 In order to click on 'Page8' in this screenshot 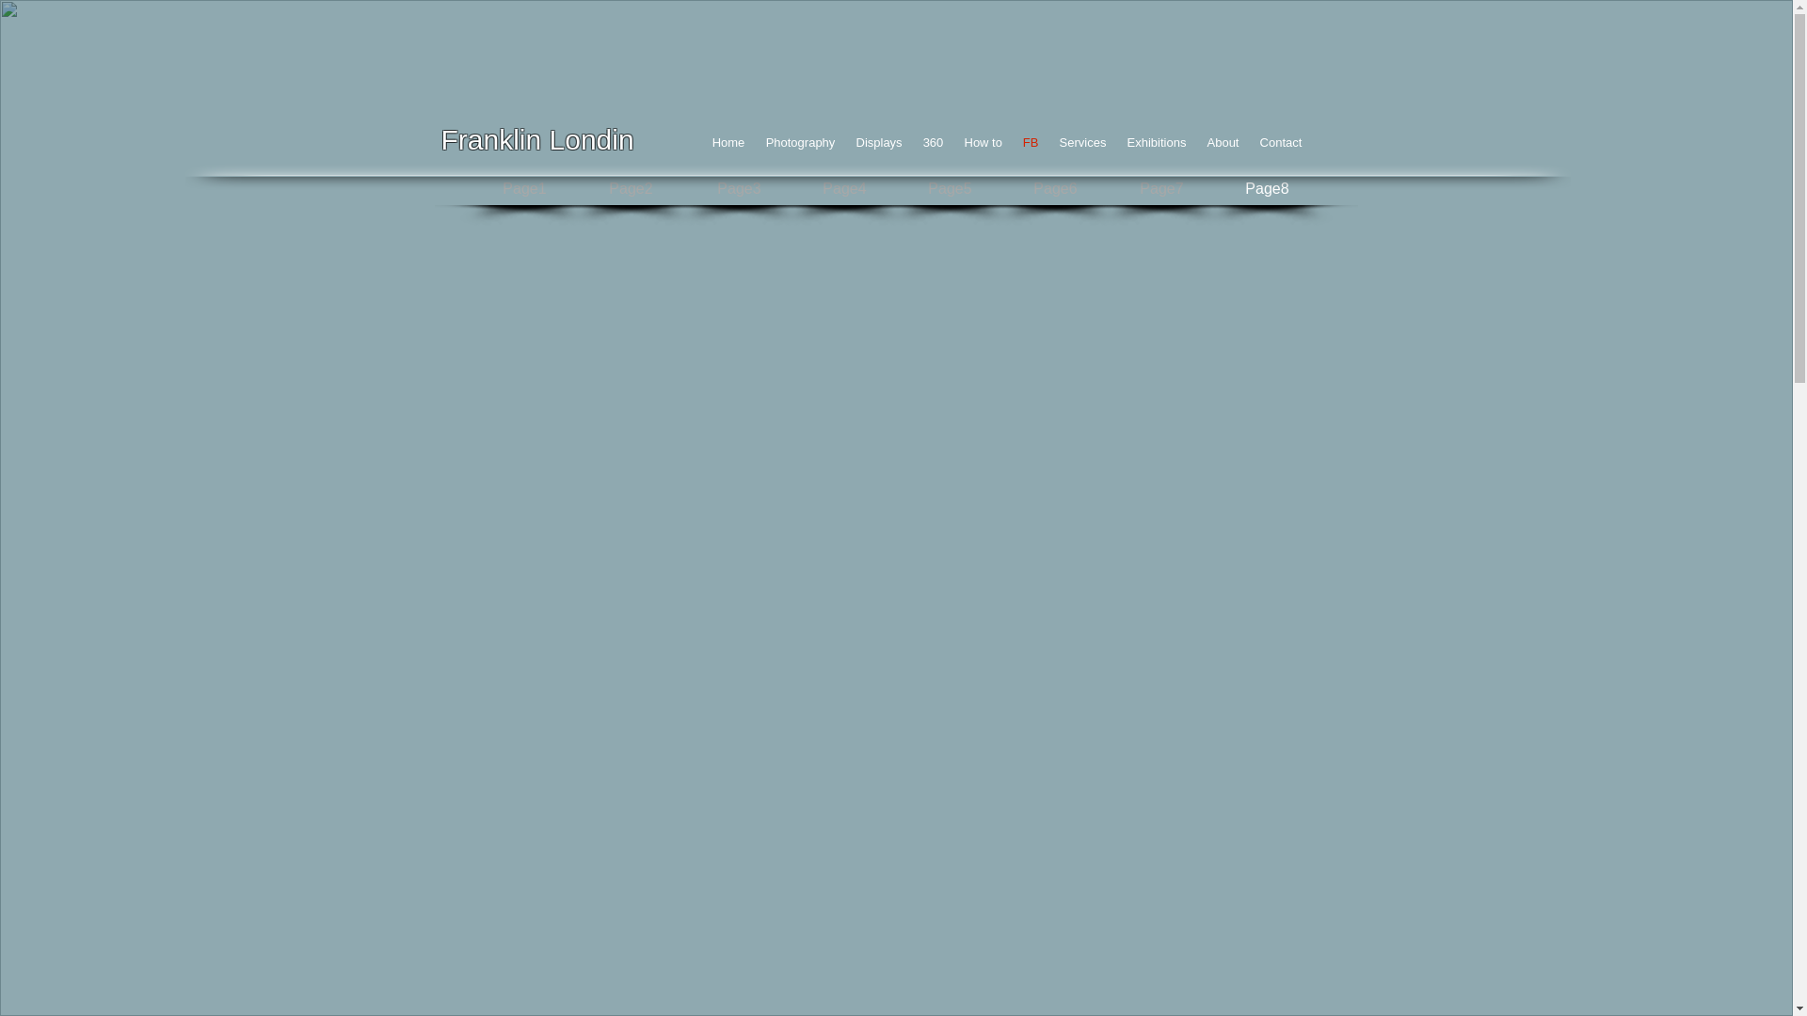, I will do `click(1268, 189)`.